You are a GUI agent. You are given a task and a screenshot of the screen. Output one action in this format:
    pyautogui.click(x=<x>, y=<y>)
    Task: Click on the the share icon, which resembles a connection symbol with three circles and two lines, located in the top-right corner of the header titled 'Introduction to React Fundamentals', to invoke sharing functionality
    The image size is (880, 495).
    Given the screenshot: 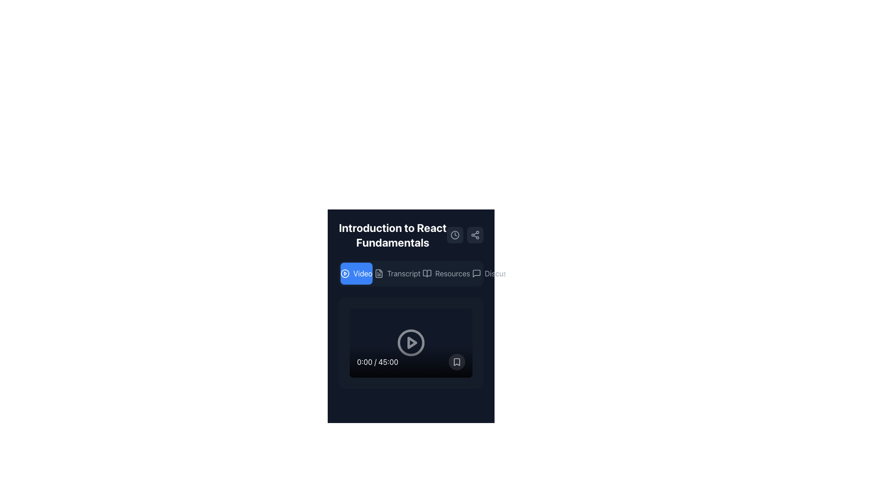 What is the action you would take?
    pyautogui.click(x=475, y=235)
    